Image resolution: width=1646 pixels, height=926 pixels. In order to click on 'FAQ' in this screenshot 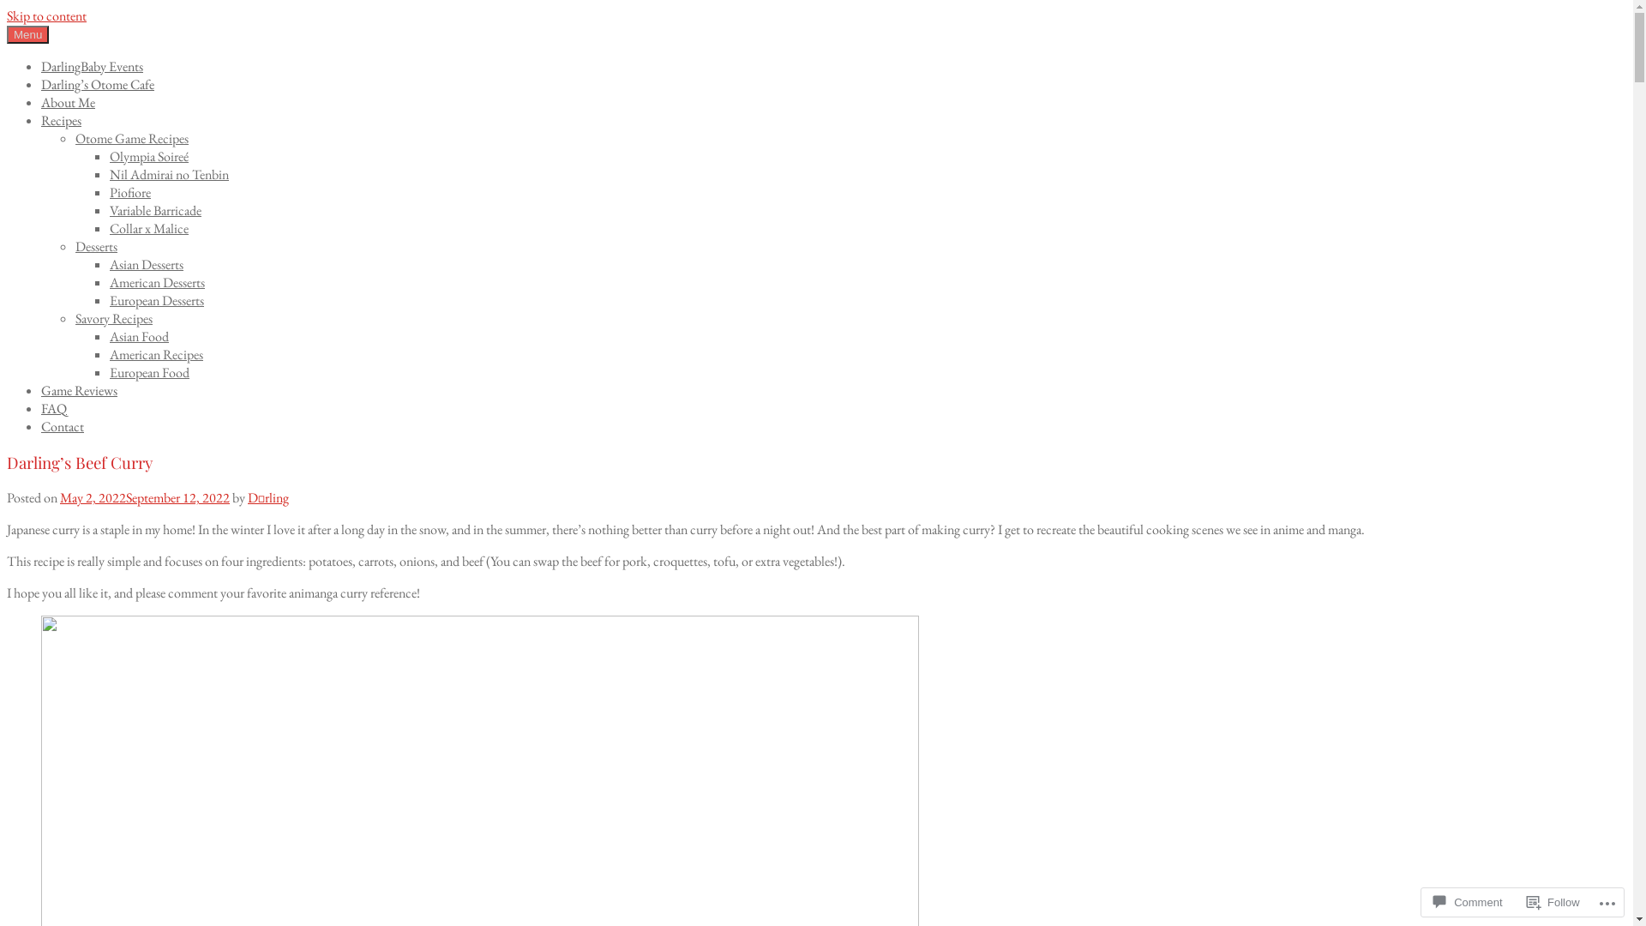, I will do `click(53, 408)`.